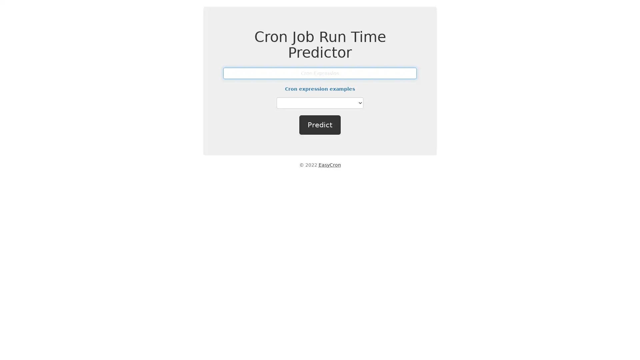 Image resolution: width=640 pixels, height=360 pixels. I want to click on Predict, so click(320, 125).